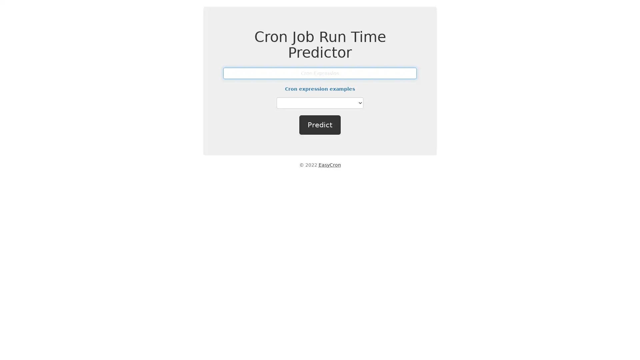 Image resolution: width=640 pixels, height=360 pixels. I want to click on Predict, so click(320, 125).